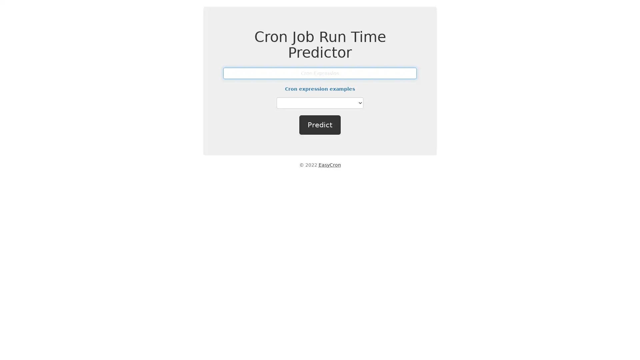 Image resolution: width=640 pixels, height=360 pixels. I want to click on Predict, so click(320, 125).